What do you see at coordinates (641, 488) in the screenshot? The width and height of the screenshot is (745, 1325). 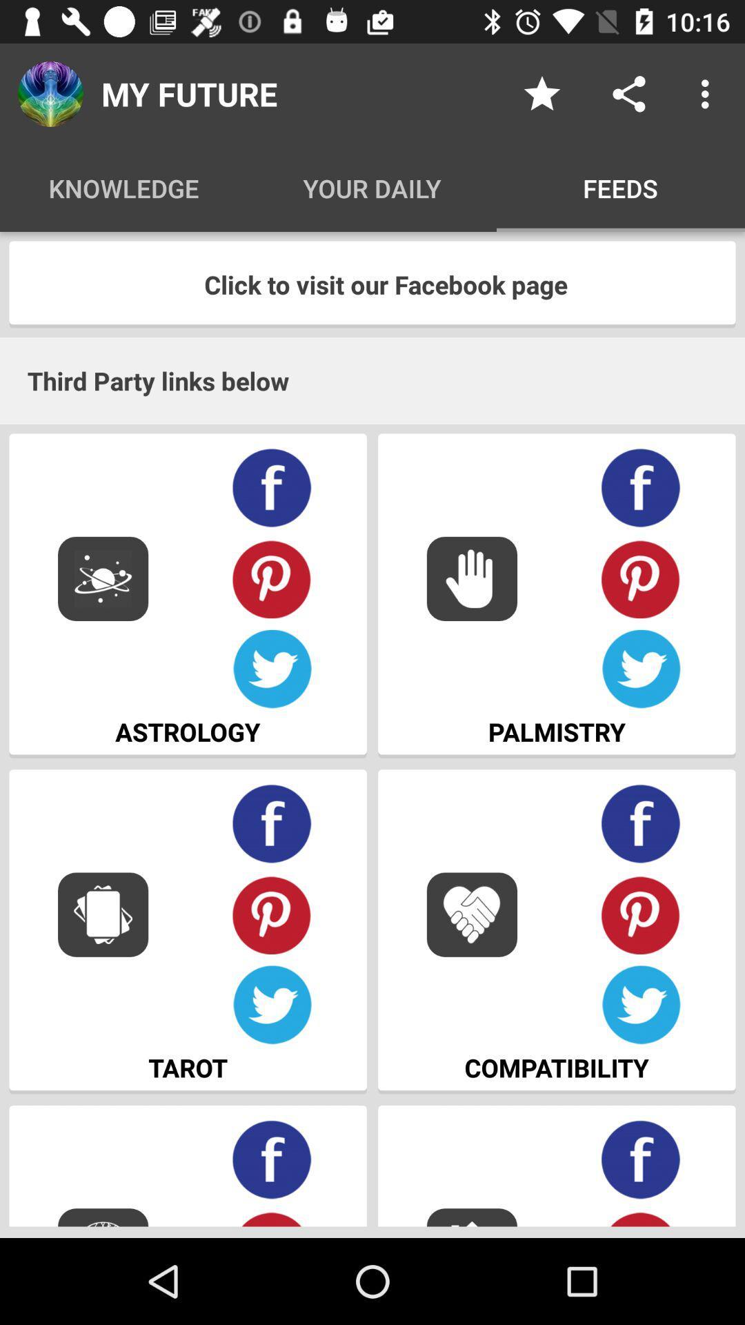 I see `share in facebook` at bounding box center [641, 488].